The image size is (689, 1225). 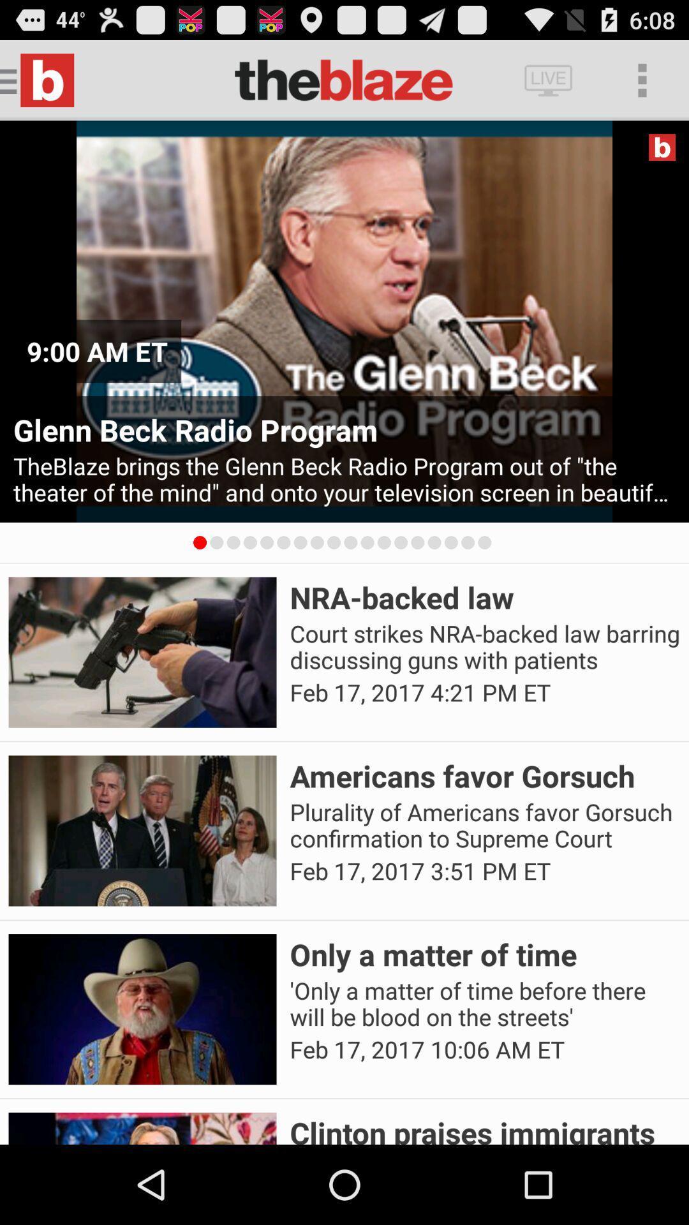 What do you see at coordinates (485, 647) in the screenshot?
I see `the court strikes nra app` at bounding box center [485, 647].